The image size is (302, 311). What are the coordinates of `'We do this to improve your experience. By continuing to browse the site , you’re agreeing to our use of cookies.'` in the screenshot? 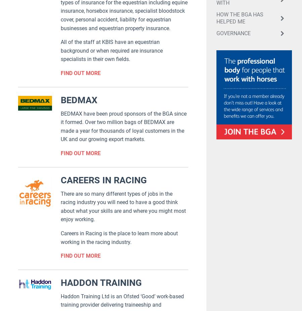 It's located at (159, 11).